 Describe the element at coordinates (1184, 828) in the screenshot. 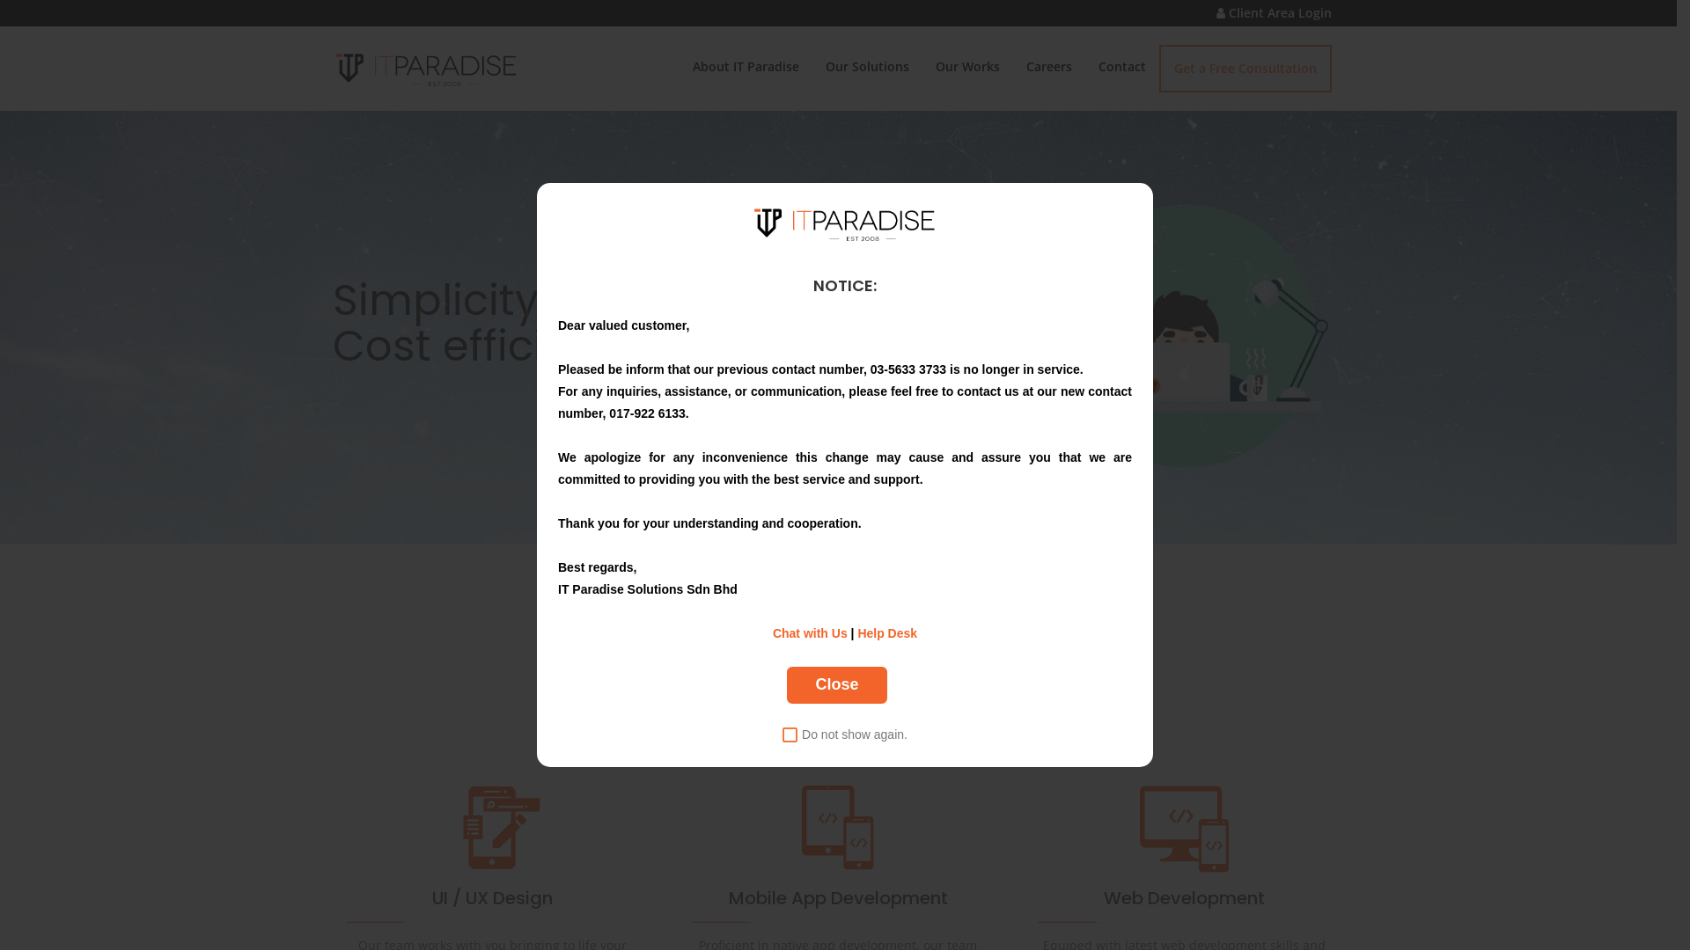

I see `'Web Development-OPT3'` at that location.